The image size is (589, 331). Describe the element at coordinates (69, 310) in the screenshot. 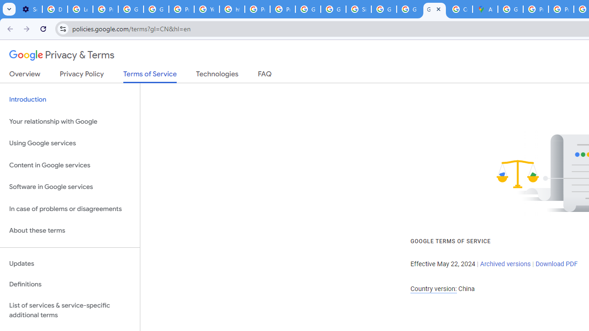

I see `'List of services & service-specific additional terms'` at that location.